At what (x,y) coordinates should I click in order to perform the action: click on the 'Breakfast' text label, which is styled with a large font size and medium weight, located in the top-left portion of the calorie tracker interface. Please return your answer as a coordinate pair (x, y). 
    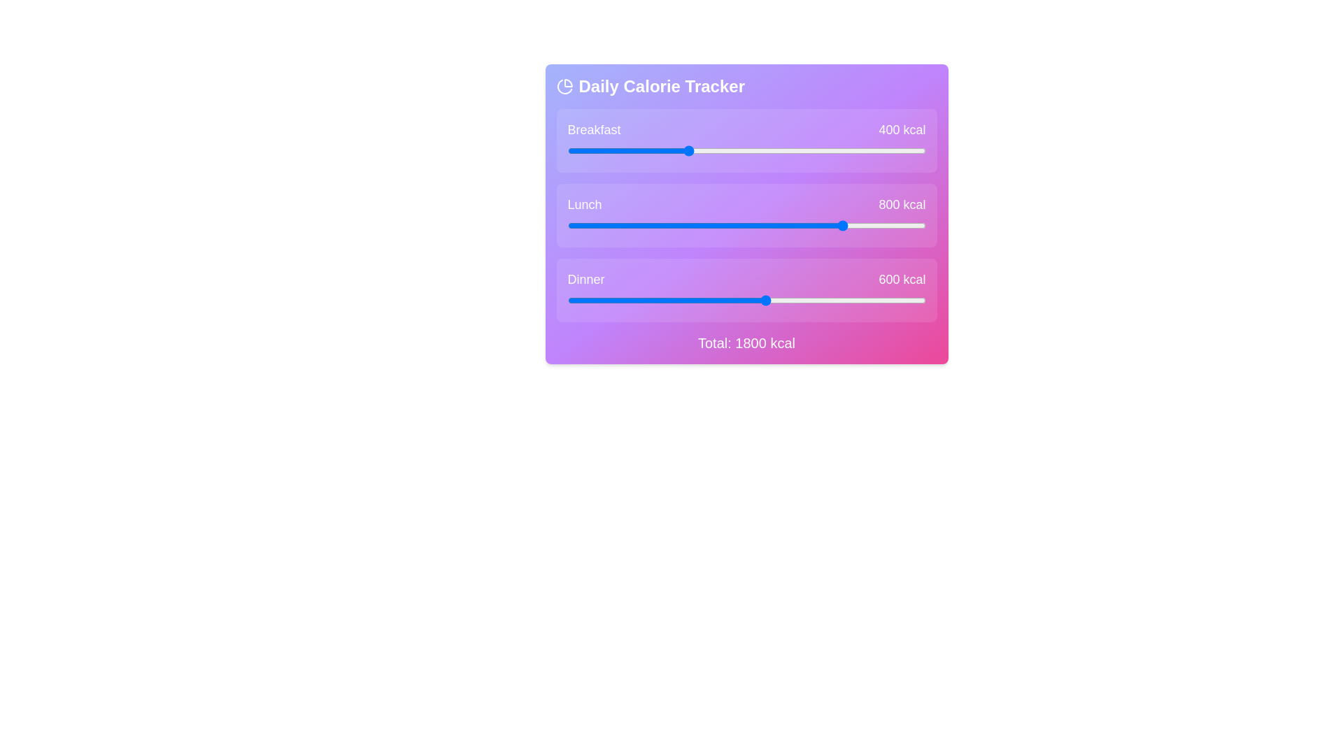
    Looking at the image, I should click on (594, 129).